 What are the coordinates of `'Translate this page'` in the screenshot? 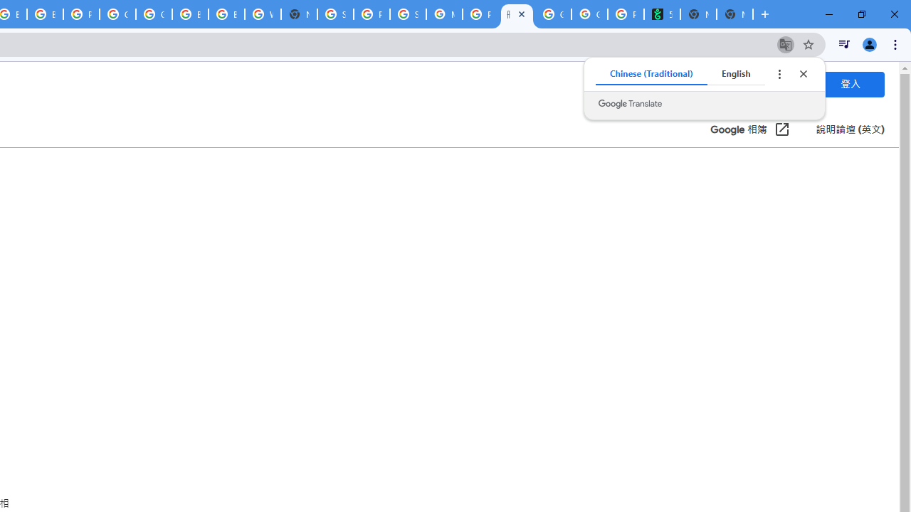 It's located at (785, 43).